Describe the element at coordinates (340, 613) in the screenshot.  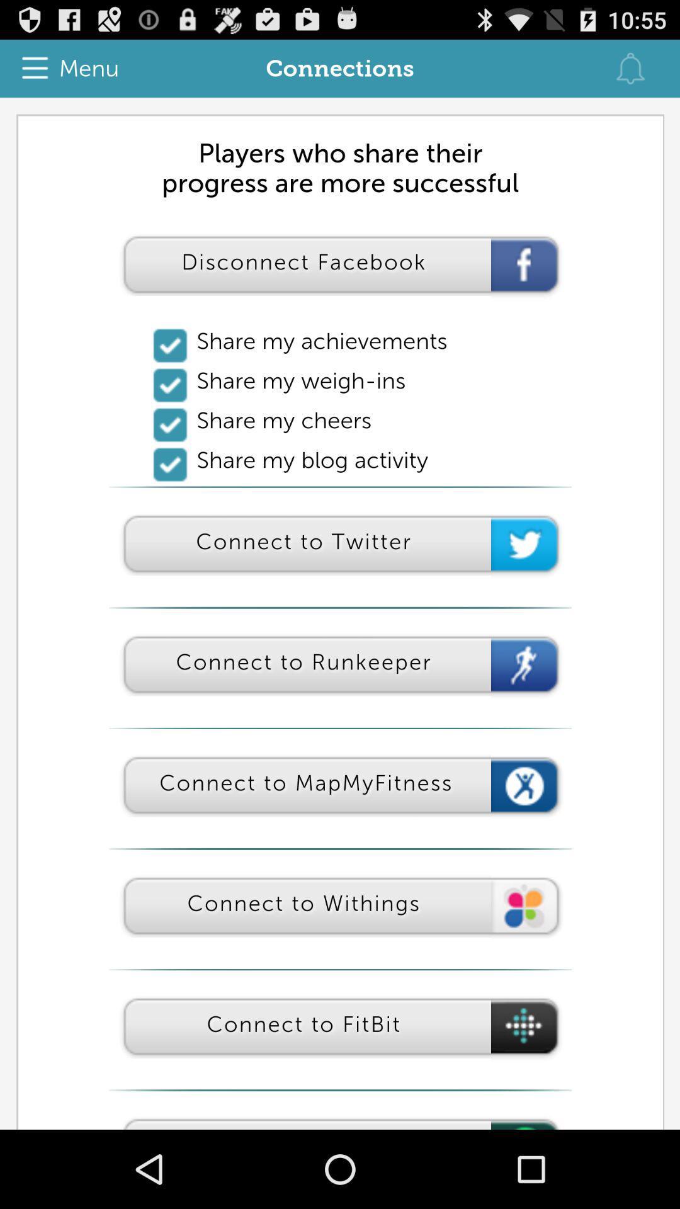
I see `content of connections` at that location.